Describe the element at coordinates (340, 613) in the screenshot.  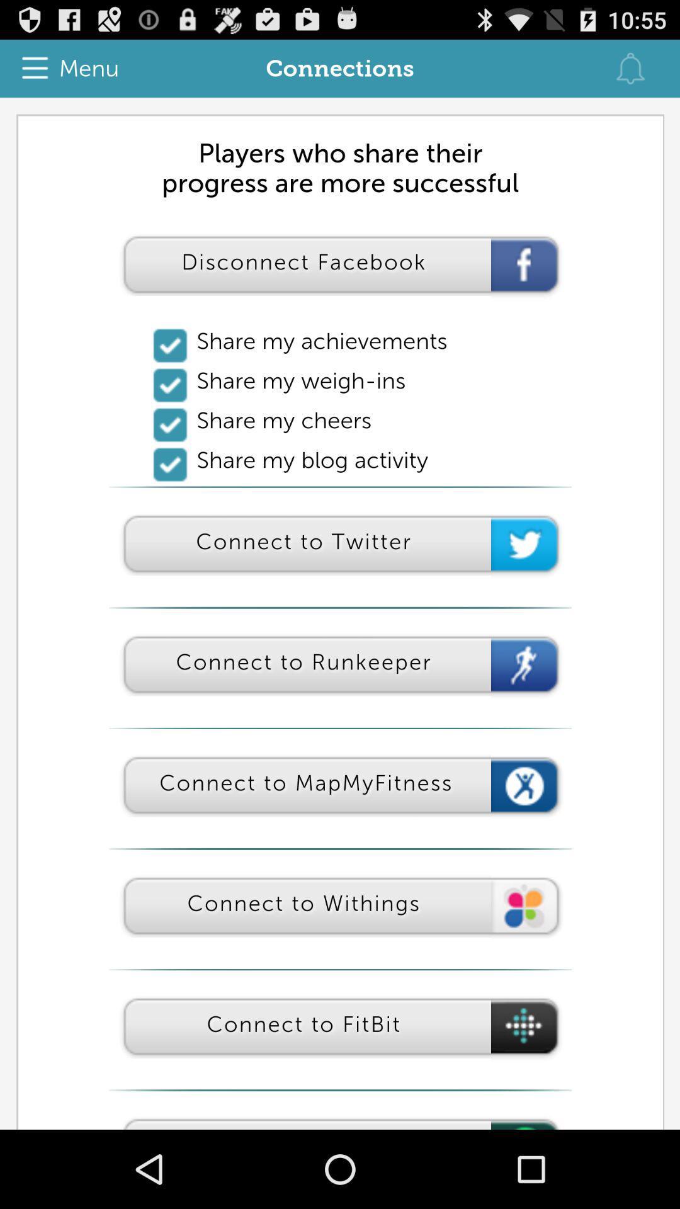
I see `content of connections` at that location.